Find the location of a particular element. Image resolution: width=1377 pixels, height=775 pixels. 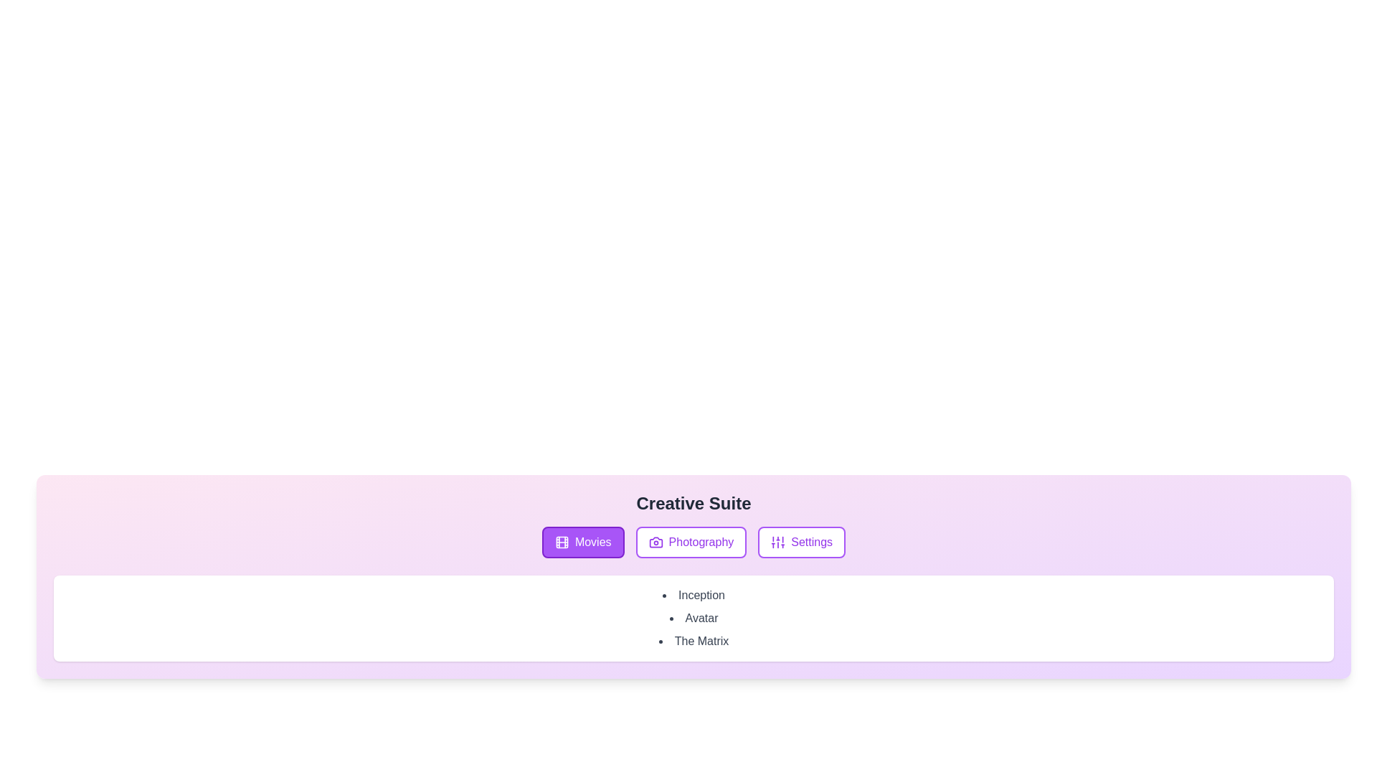

the text item reading 'Avatar', which is the second item in a bulleted list styled in a simple text format is located at coordinates (694, 617).